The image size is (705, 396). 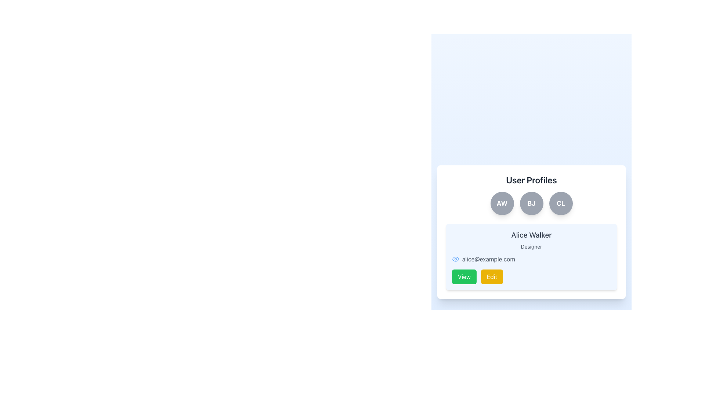 What do you see at coordinates (531, 246) in the screenshot?
I see `the 'Designer' label in the profile card of 'Alice Walker', which is positioned directly below the name and above the email line` at bounding box center [531, 246].